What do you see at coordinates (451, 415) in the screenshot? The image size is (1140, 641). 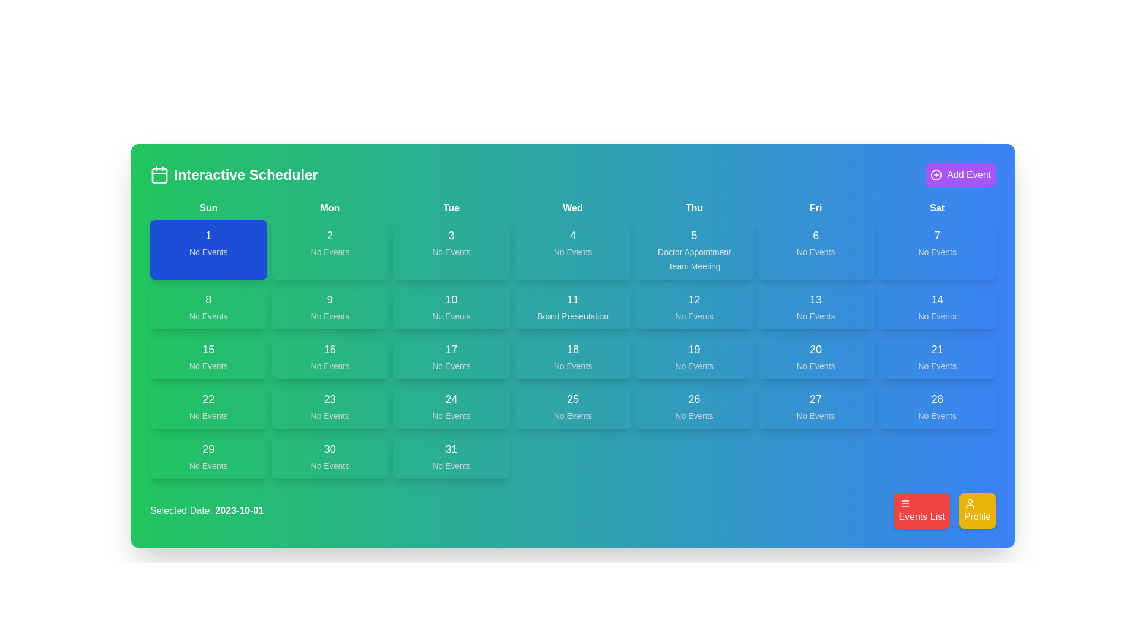 I see `the static text 'No Events' located below the date '24' in the calendar layout, indicating the absence of events` at bounding box center [451, 415].